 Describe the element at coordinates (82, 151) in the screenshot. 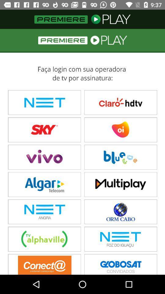

I see `full page` at that location.